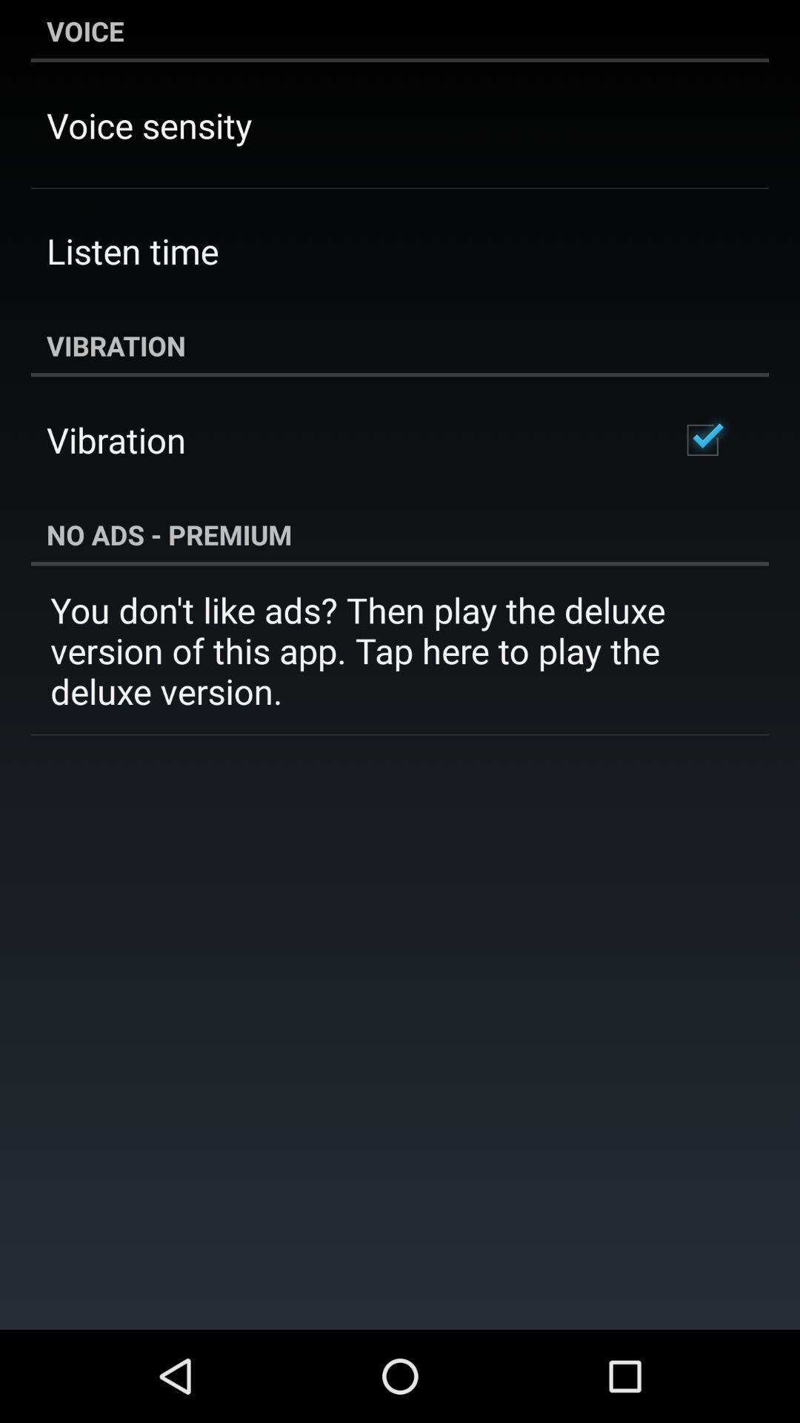  What do you see at coordinates (400, 534) in the screenshot?
I see `the no ads - premium icon` at bounding box center [400, 534].